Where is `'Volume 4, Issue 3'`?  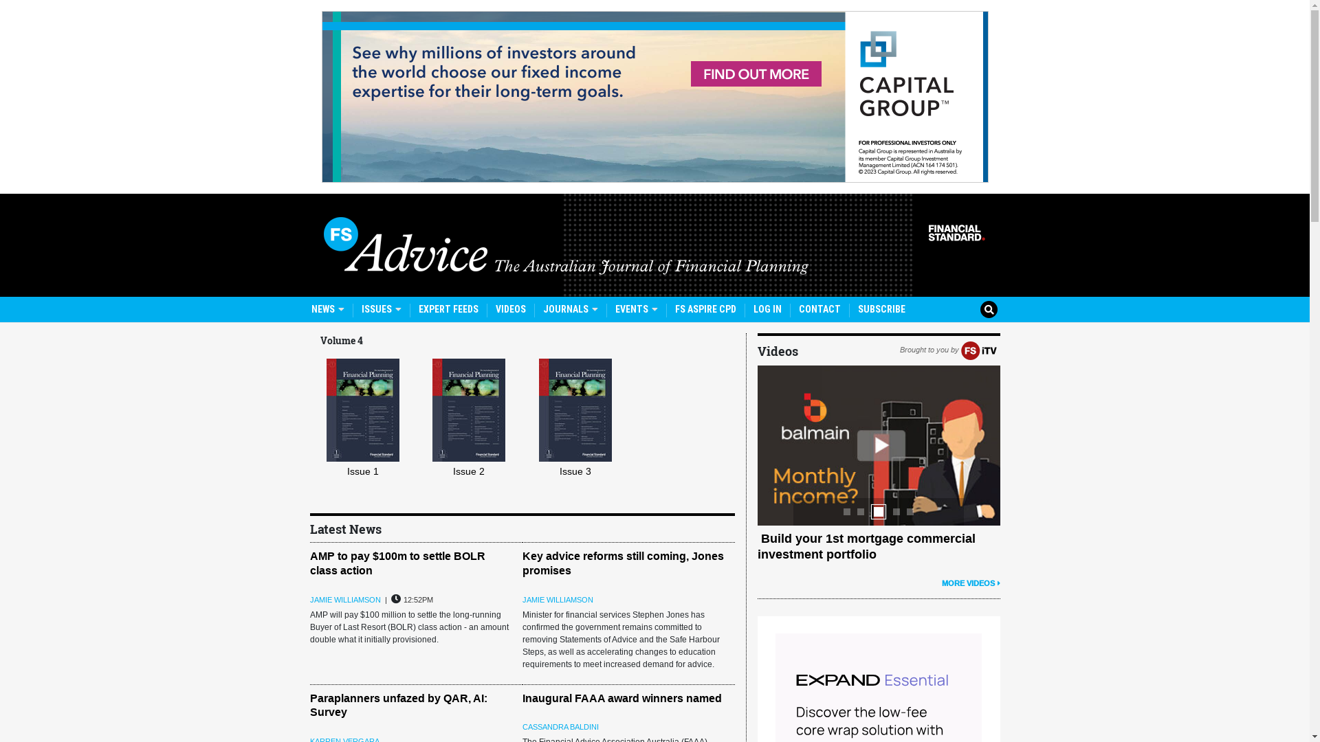 'Volume 4, Issue 3' is located at coordinates (575, 409).